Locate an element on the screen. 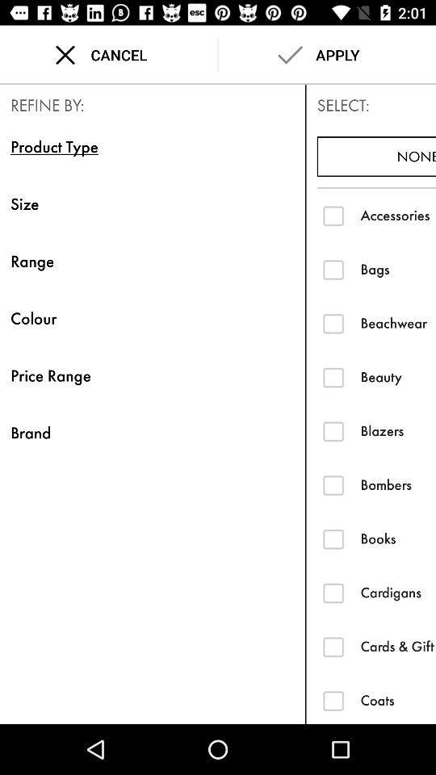 The height and width of the screenshot is (775, 436). the none is located at coordinates (376, 157).